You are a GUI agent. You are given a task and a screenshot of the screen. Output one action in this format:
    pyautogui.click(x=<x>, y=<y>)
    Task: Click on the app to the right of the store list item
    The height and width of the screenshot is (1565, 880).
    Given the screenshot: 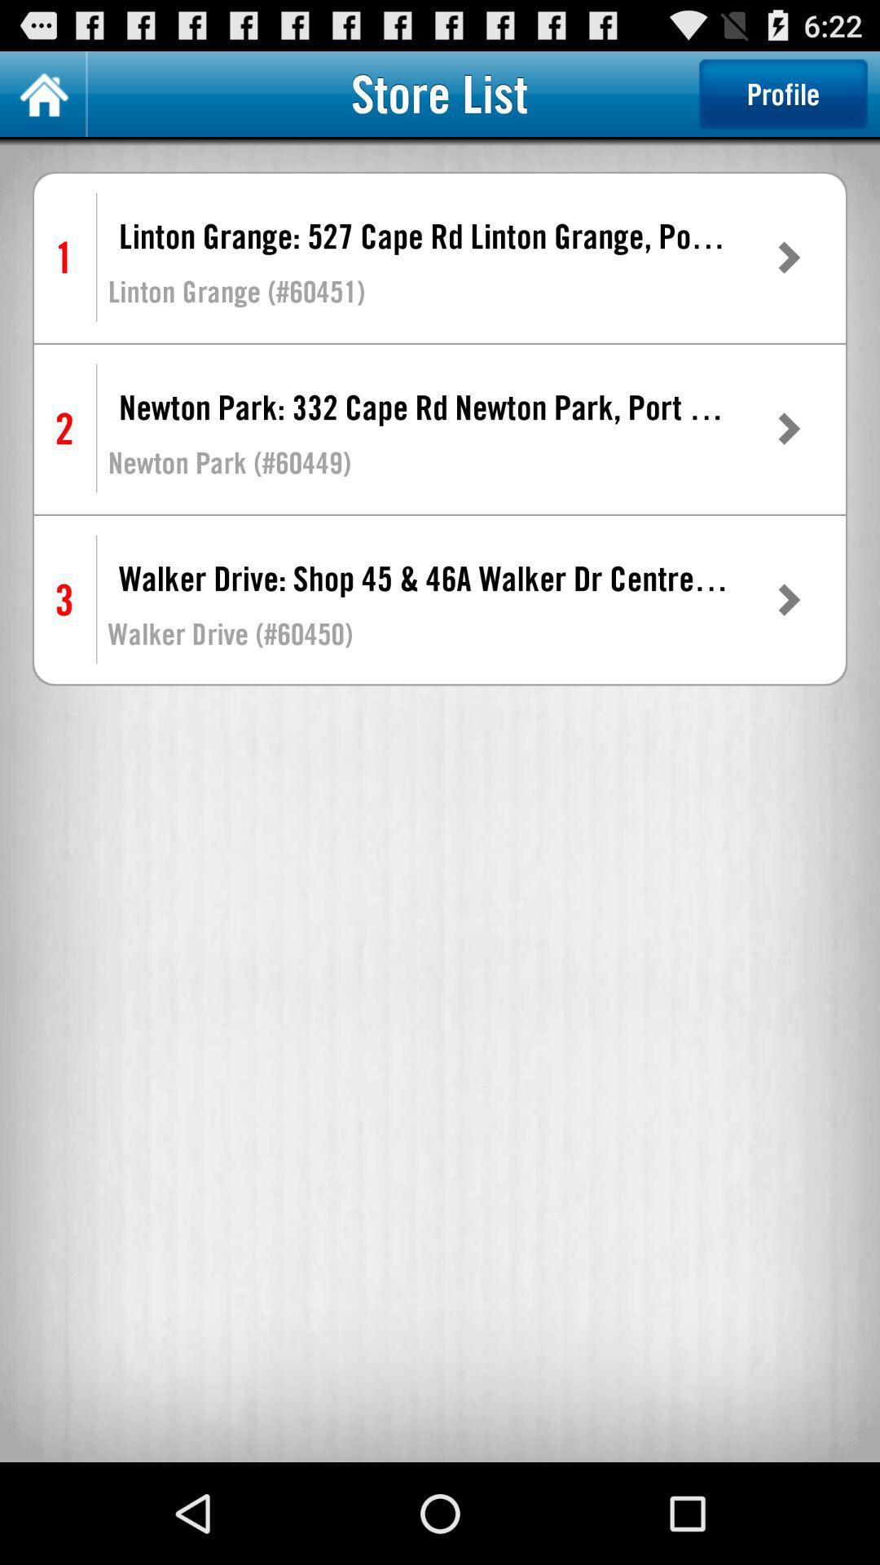 What is the action you would take?
    pyautogui.click(x=782, y=93)
    